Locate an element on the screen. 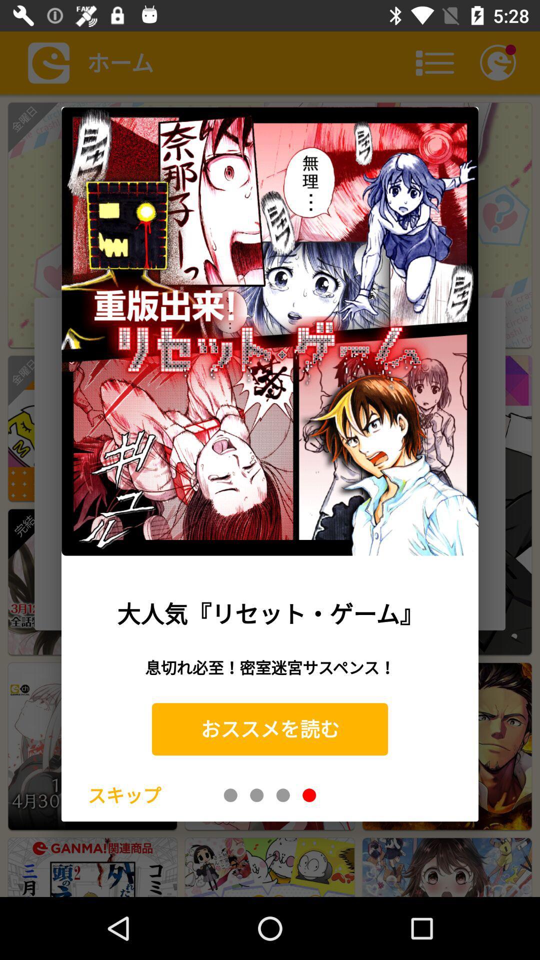  page two is located at coordinates (256, 794).